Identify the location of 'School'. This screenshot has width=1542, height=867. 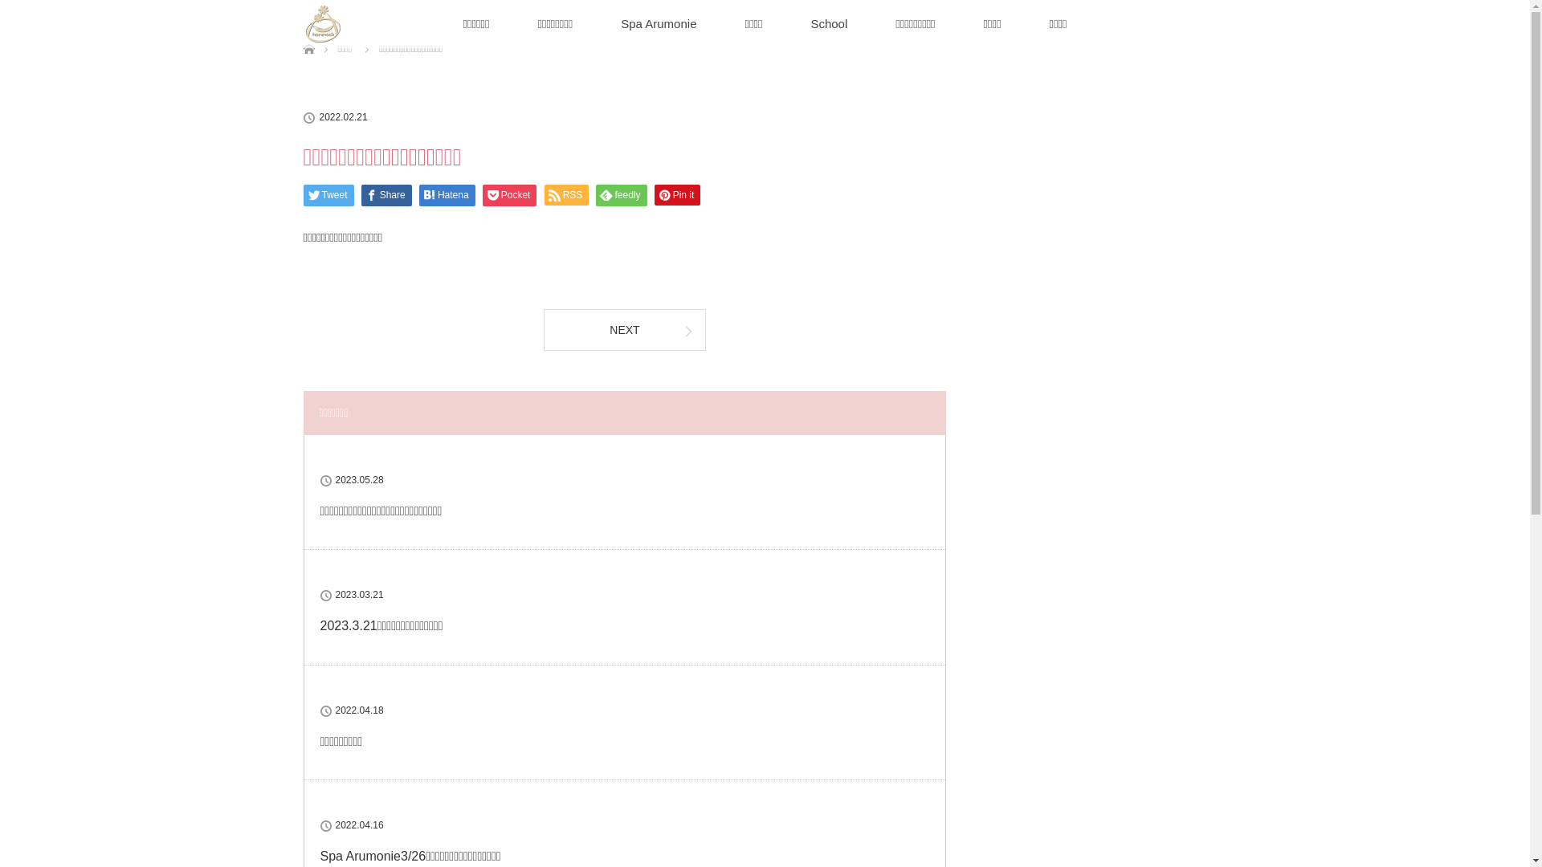
(829, 24).